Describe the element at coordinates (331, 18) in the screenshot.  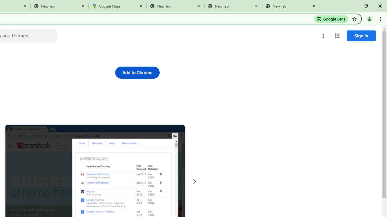
I see `'Search with Google Lens'` at that location.